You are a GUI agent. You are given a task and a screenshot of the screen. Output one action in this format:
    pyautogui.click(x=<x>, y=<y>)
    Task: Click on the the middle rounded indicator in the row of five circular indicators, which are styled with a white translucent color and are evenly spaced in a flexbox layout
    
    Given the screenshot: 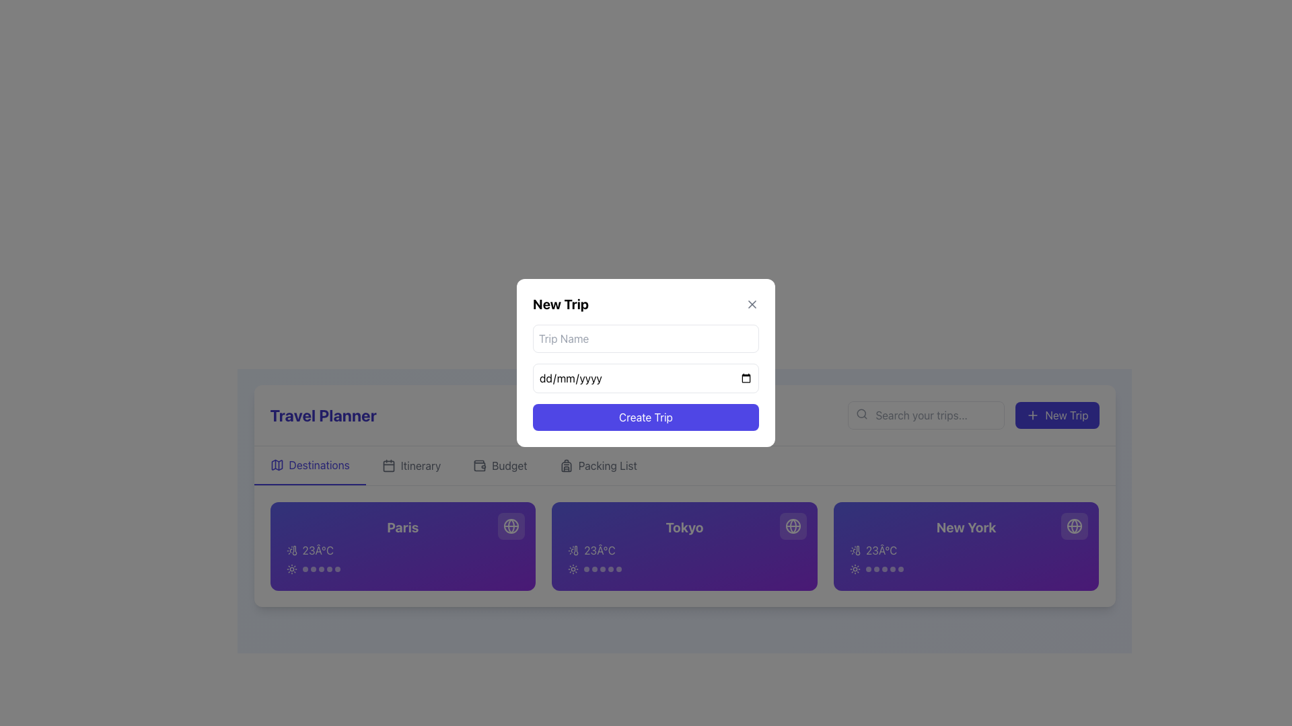 What is the action you would take?
    pyautogui.click(x=602, y=569)
    